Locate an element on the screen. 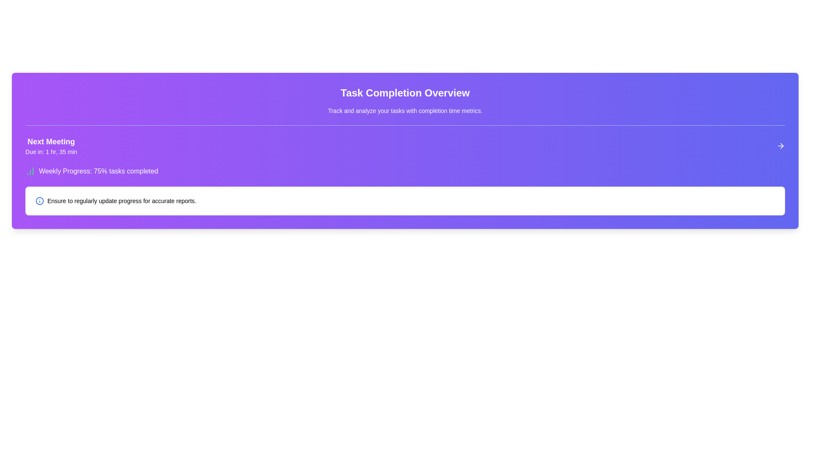 The image size is (813, 457). the static text that reads 'Track and analyze your tasks with completion time metrics.' which is styled in white font on a gradient purple background, positioned below the header 'Task Completion Overview' is located at coordinates (404, 110).